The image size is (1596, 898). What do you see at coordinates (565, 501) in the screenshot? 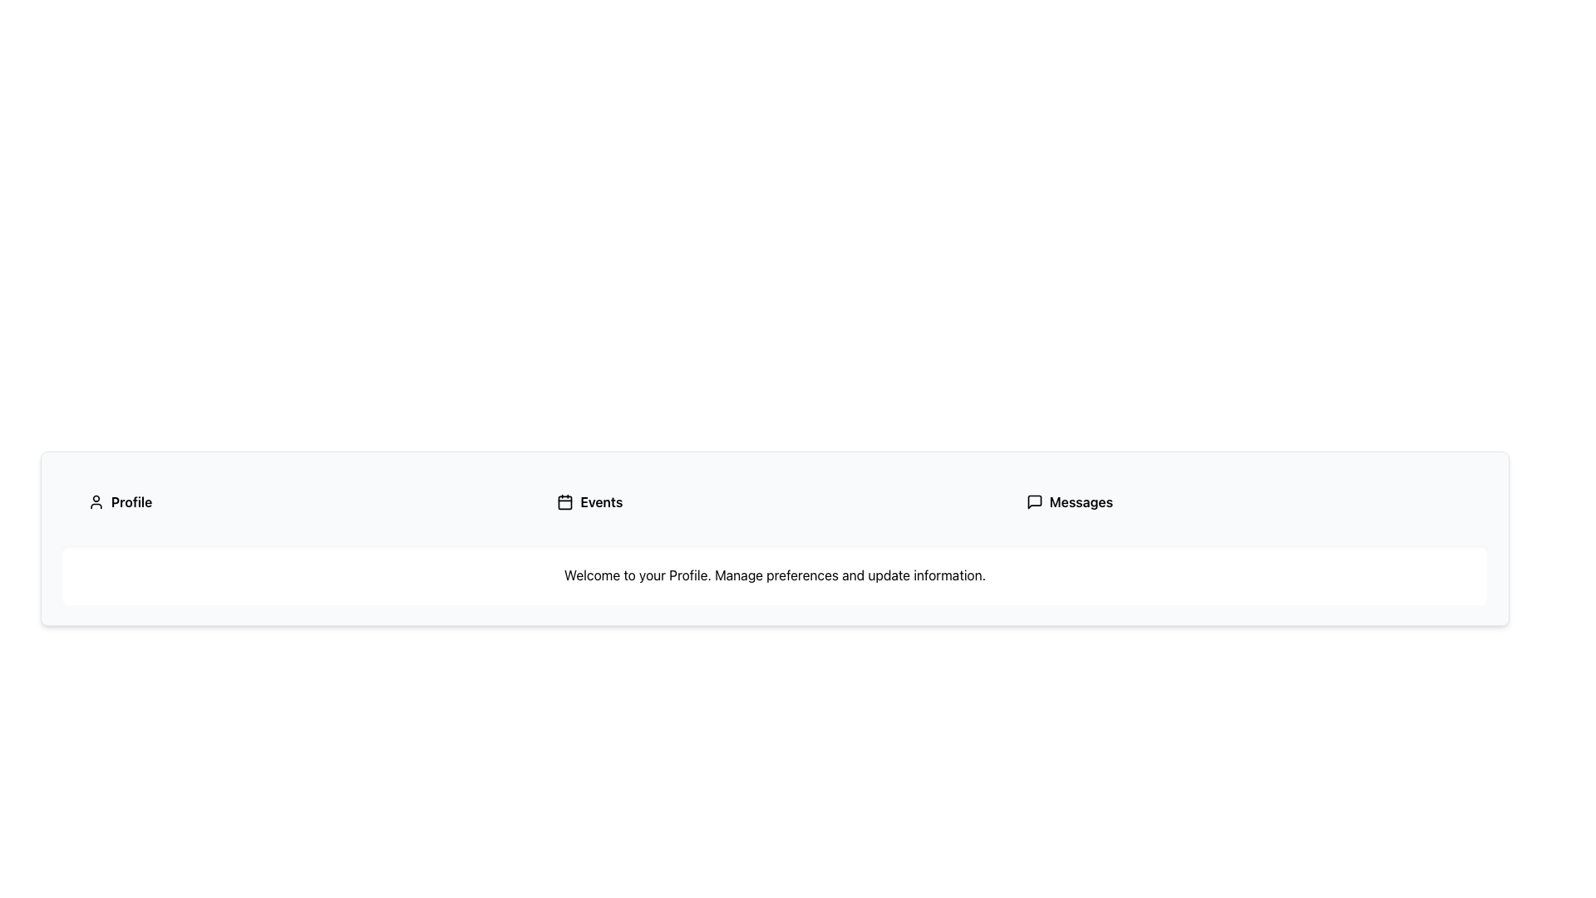
I see `the 'Events' icon located in the navigation bar, positioned between 'Profile' and 'Messages'` at bounding box center [565, 501].